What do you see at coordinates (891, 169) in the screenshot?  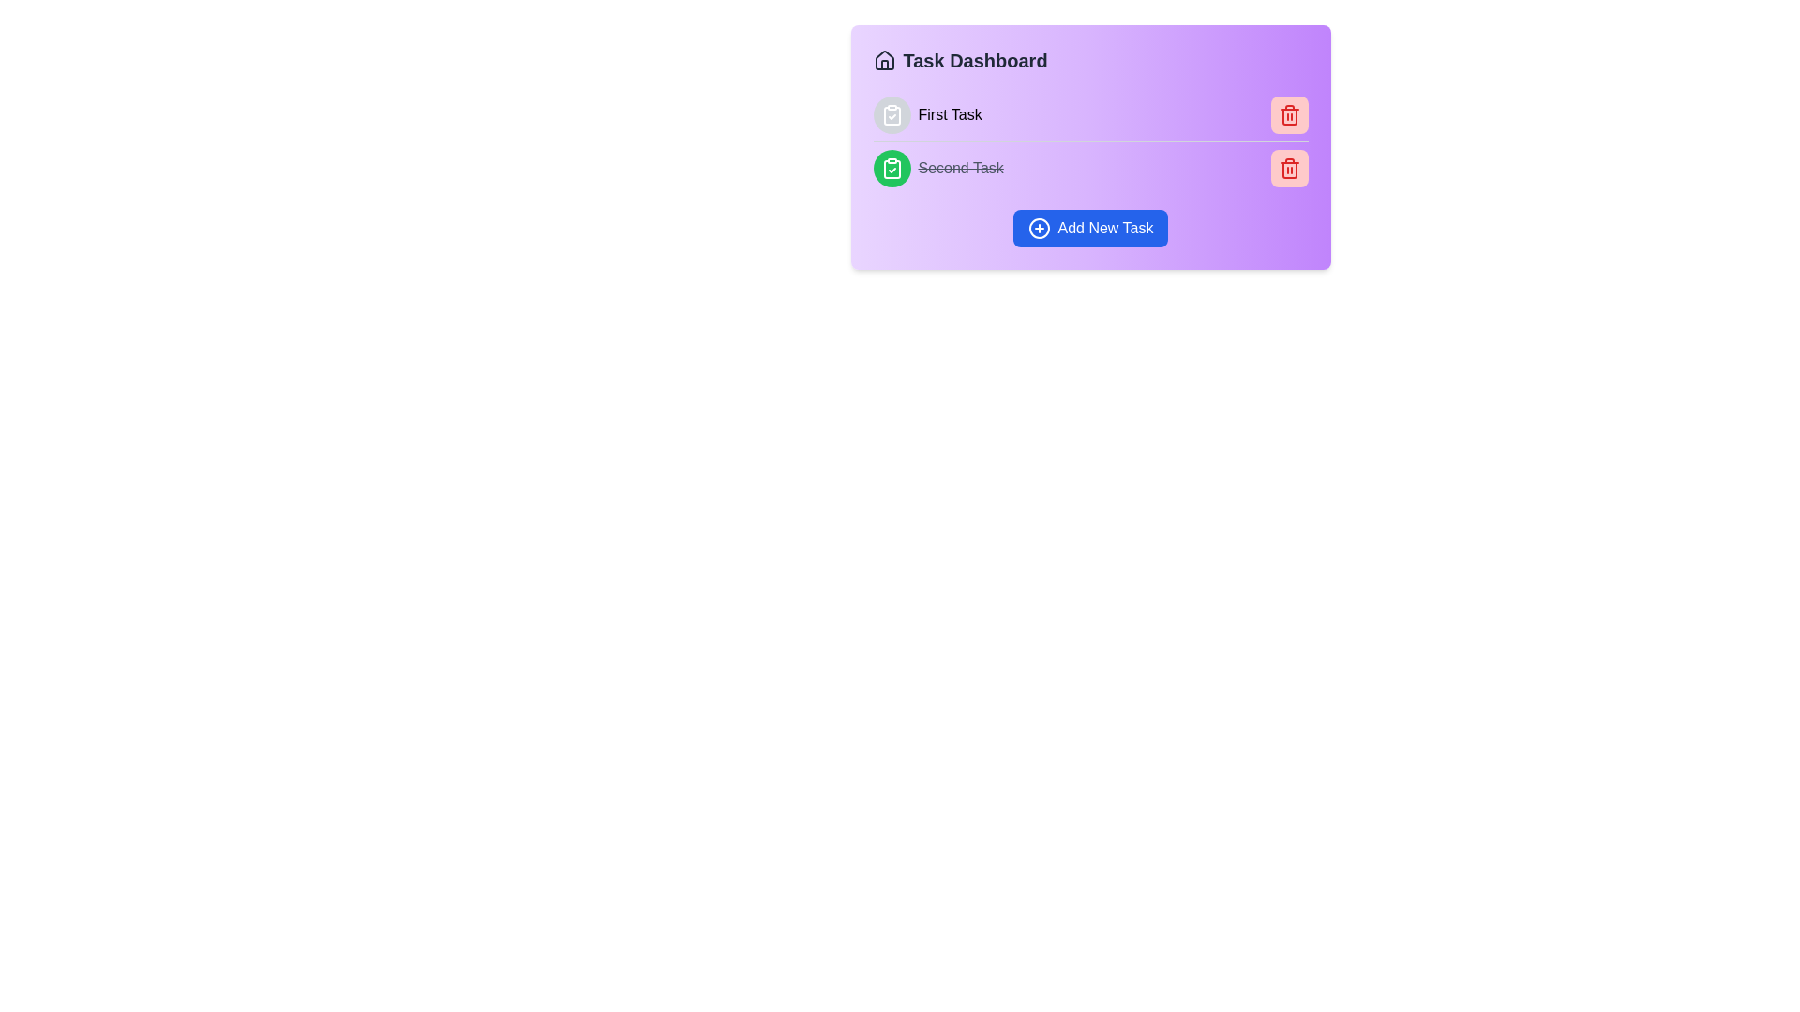 I see `the green circular clipboard icon with a checkmark located in the Task Dashboard section, adjacent to 'Second Task.'` at bounding box center [891, 169].